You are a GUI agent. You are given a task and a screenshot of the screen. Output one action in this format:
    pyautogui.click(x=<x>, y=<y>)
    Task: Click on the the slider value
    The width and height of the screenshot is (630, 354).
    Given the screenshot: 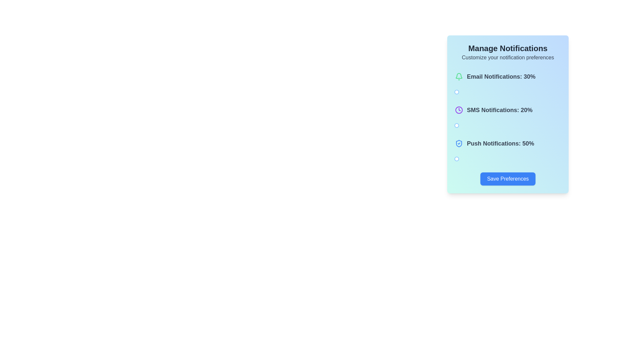 What is the action you would take?
    pyautogui.click(x=458, y=125)
    